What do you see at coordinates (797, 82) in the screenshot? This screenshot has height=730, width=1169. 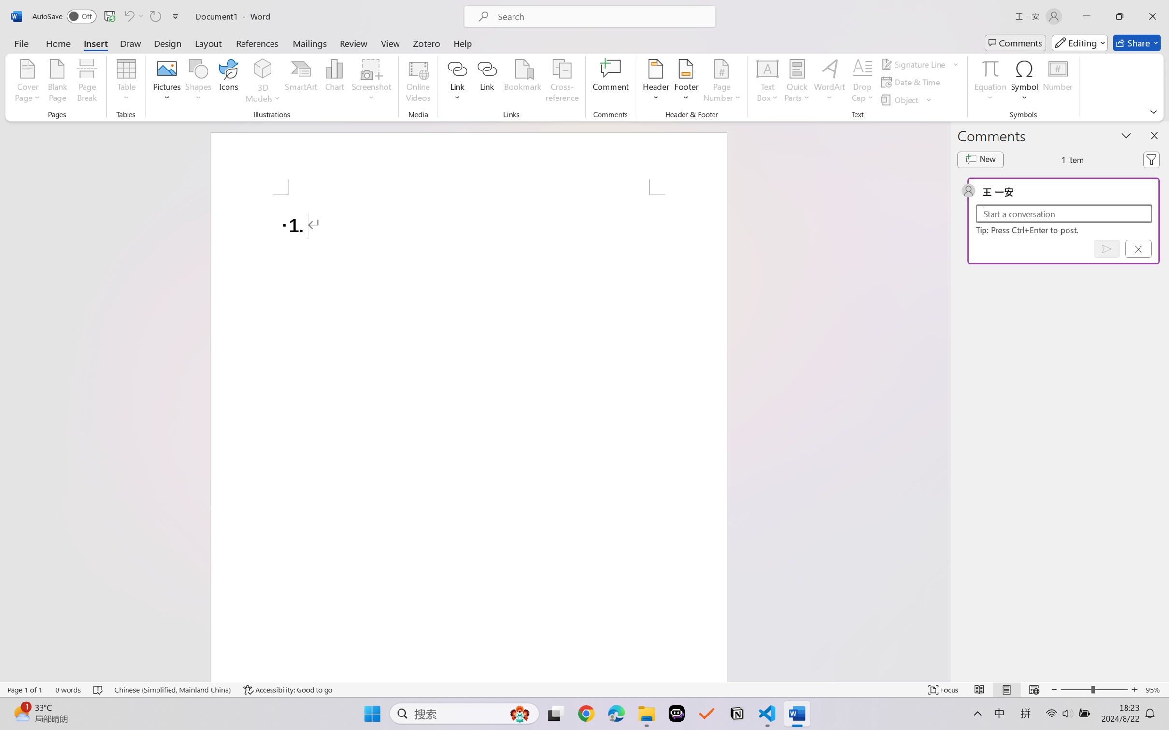 I see `'Quick Parts'` at bounding box center [797, 82].